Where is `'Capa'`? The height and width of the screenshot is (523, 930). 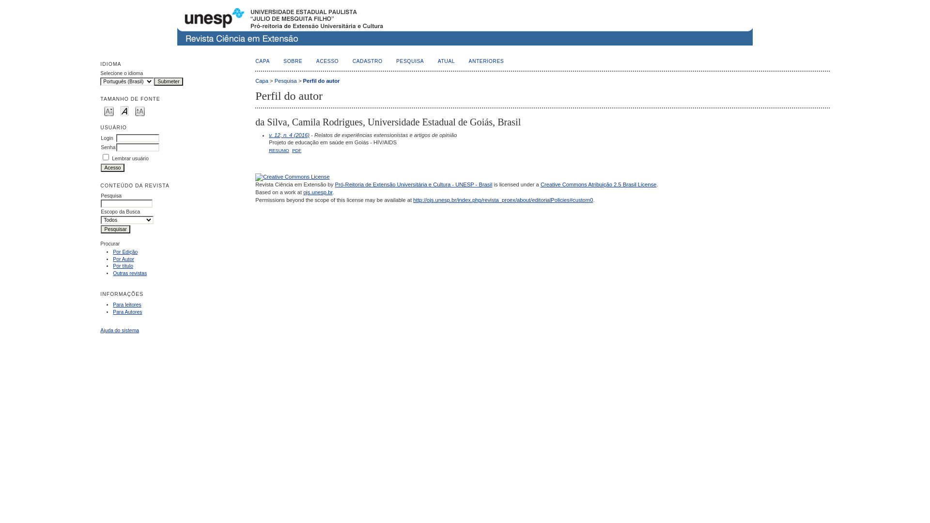 'Capa' is located at coordinates (262, 80).